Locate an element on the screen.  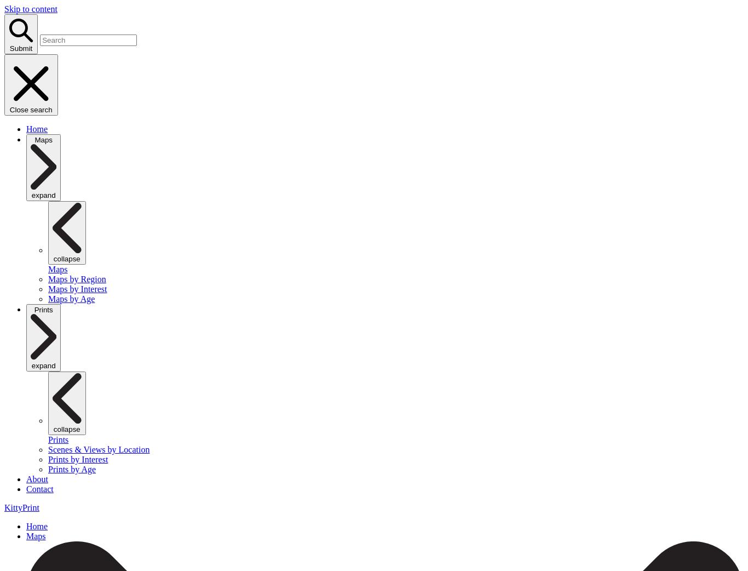
'Prints by Interest' is located at coordinates (77, 459).